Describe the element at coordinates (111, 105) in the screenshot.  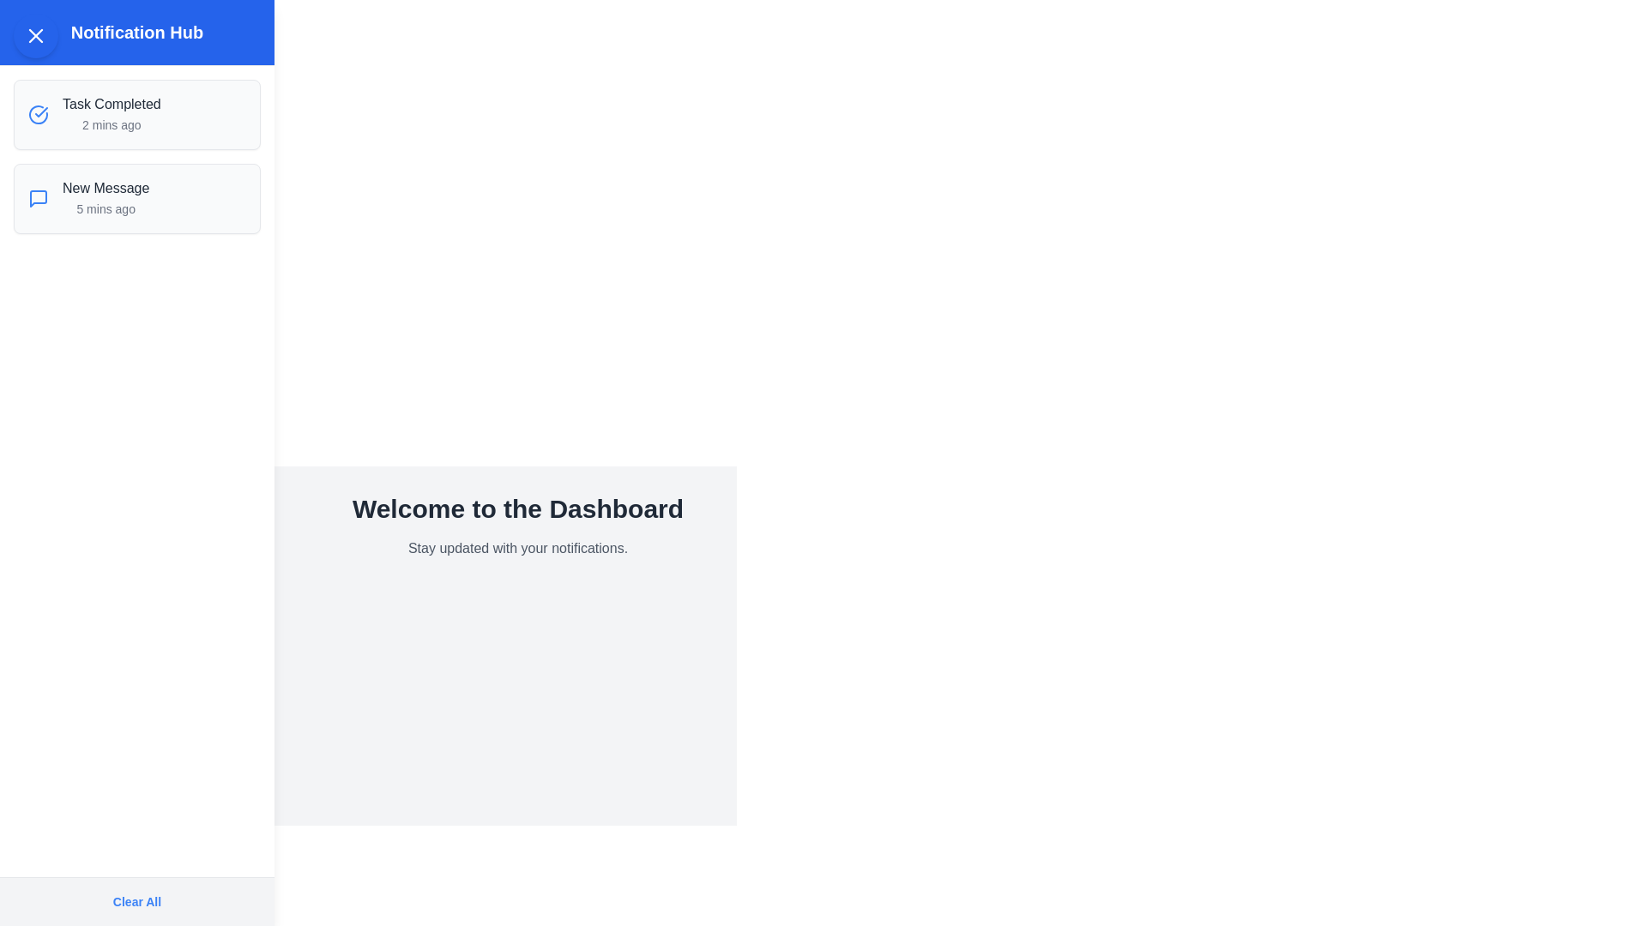
I see `text content of the notification title label indicating task completion, which is located at the top of the Notification Hub sidebar` at that location.